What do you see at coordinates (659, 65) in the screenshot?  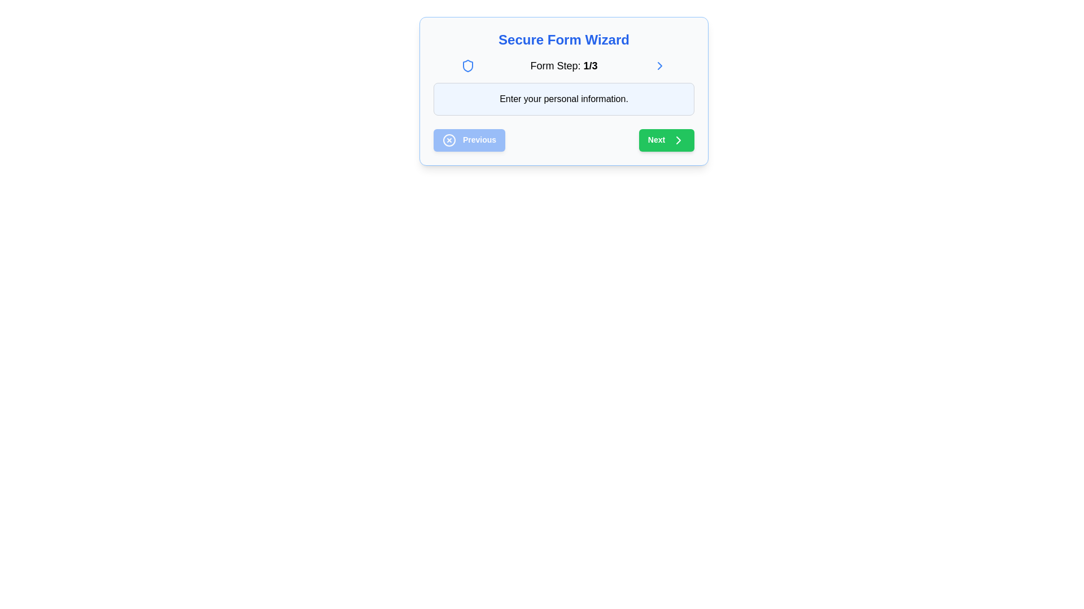 I see `the chevron icon that indicates progression to the next step in the form process, located to the right of the label 'Form Step: 1/3'` at bounding box center [659, 65].